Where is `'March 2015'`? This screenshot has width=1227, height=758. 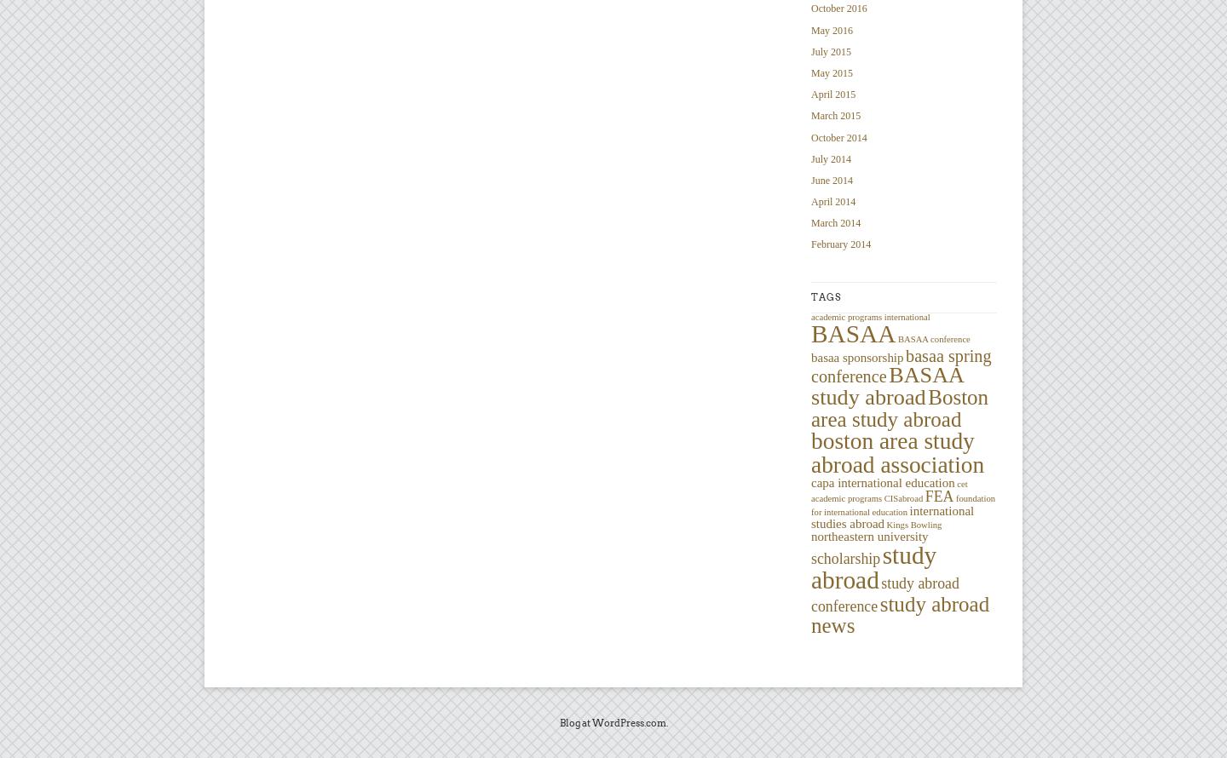
'March 2015' is located at coordinates (810, 114).